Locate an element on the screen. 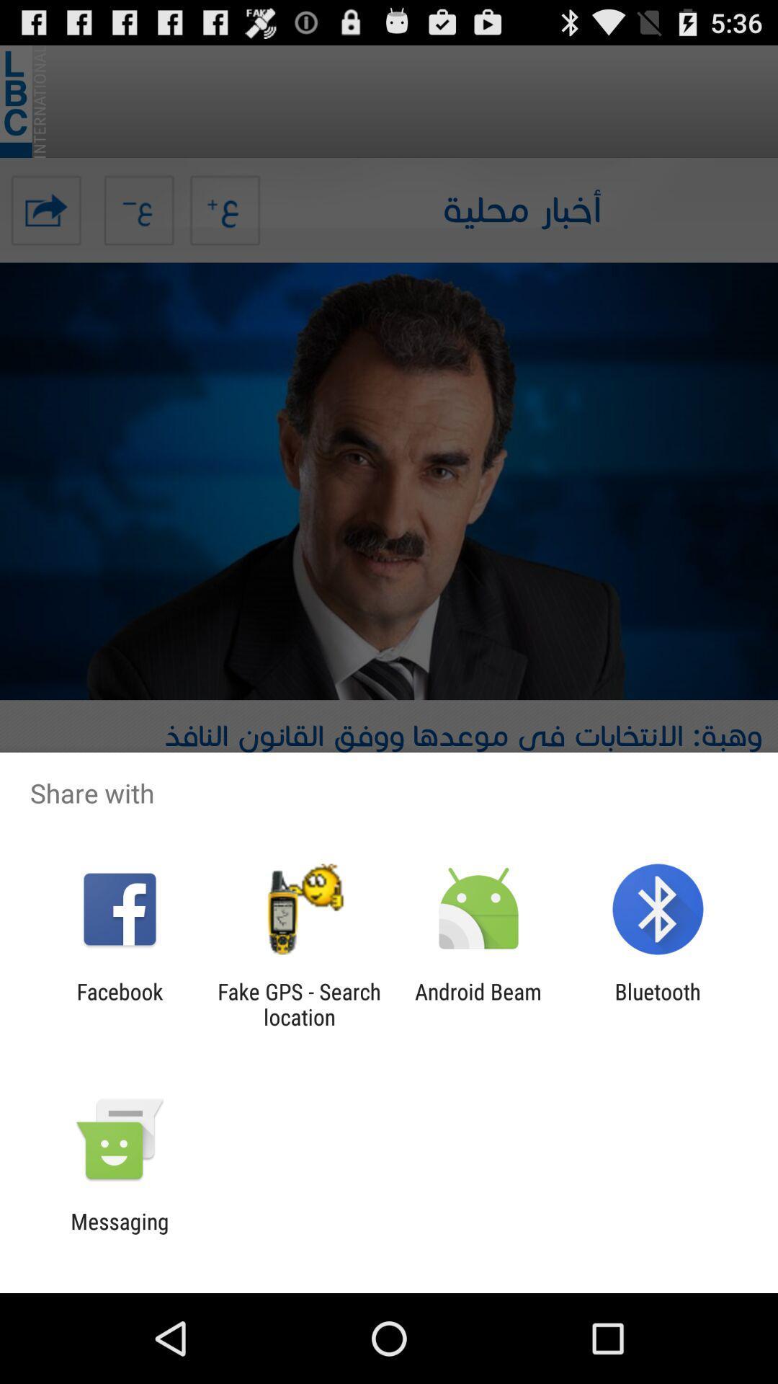  the item next to android beam item is located at coordinates (658, 1003).